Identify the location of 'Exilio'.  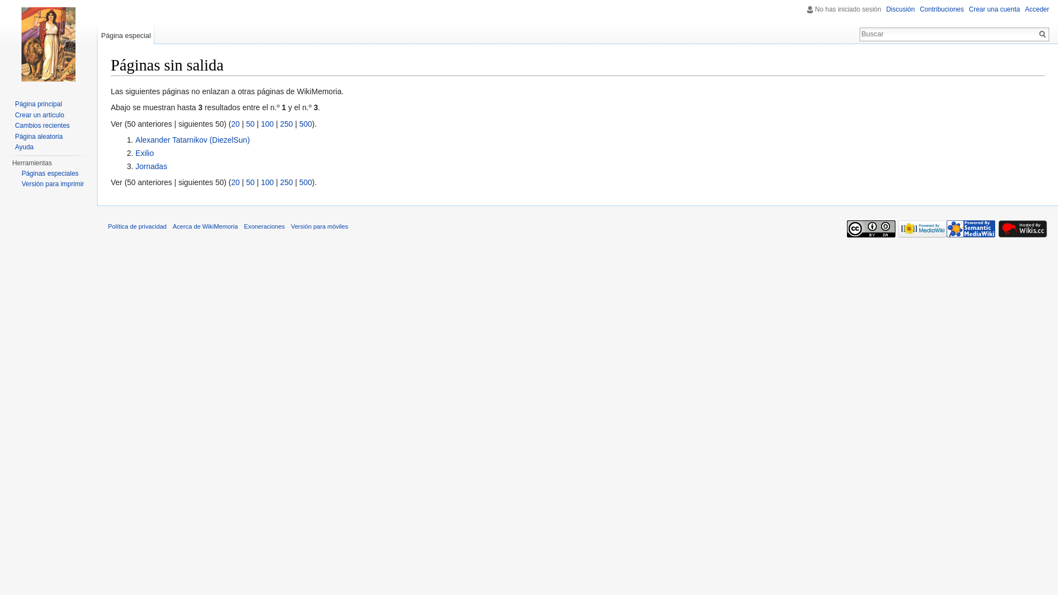
(134, 153).